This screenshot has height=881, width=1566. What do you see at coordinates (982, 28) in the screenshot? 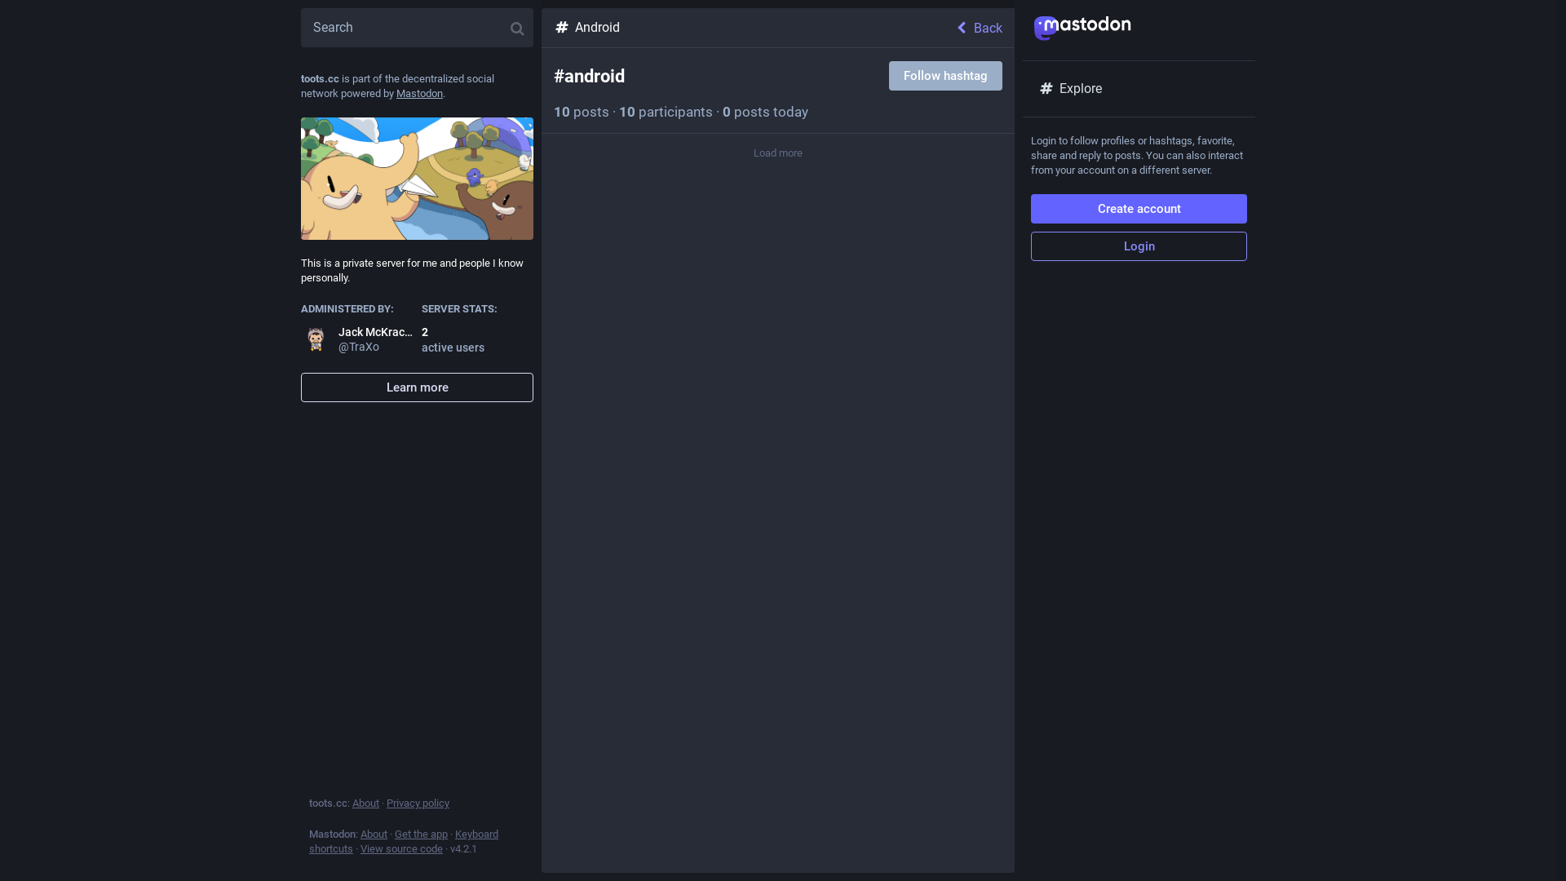
I see `'Back'` at bounding box center [982, 28].